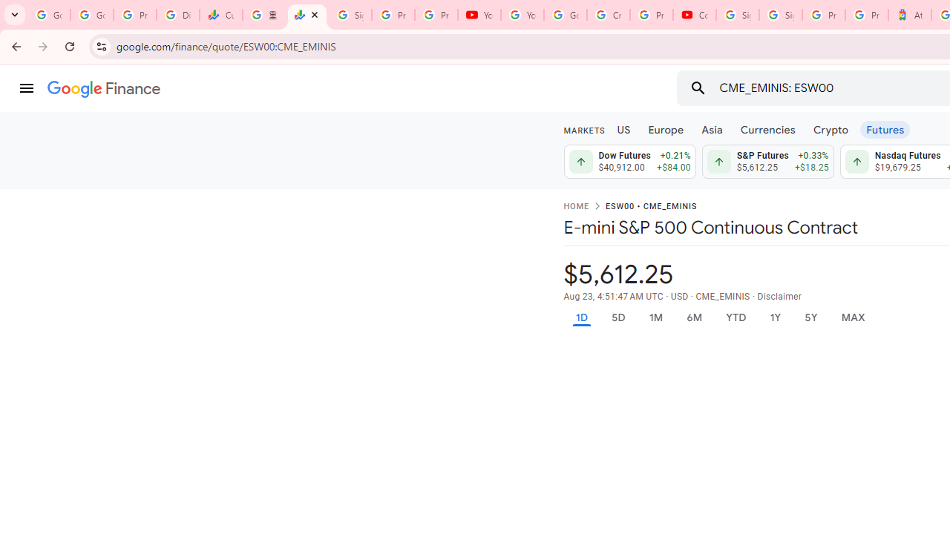 The width and height of the screenshot is (950, 534). What do you see at coordinates (48, 15) in the screenshot?
I see `'Google Workspace Admin Community'` at bounding box center [48, 15].